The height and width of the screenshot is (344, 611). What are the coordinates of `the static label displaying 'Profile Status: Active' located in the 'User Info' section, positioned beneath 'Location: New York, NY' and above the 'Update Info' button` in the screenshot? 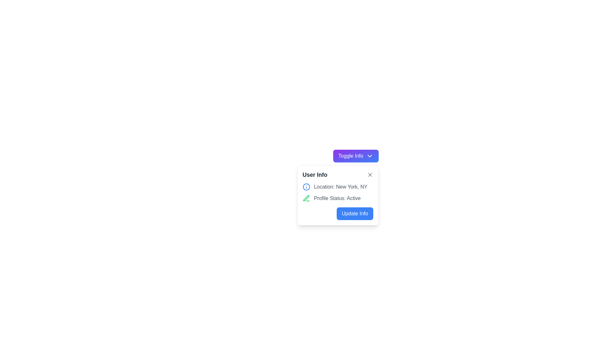 It's located at (337, 198).